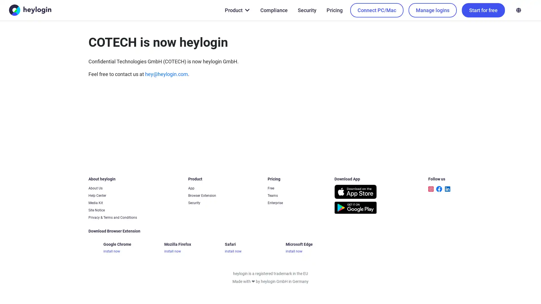 The height and width of the screenshot is (304, 541). Describe the element at coordinates (518, 10) in the screenshot. I see `Language Switcher` at that location.